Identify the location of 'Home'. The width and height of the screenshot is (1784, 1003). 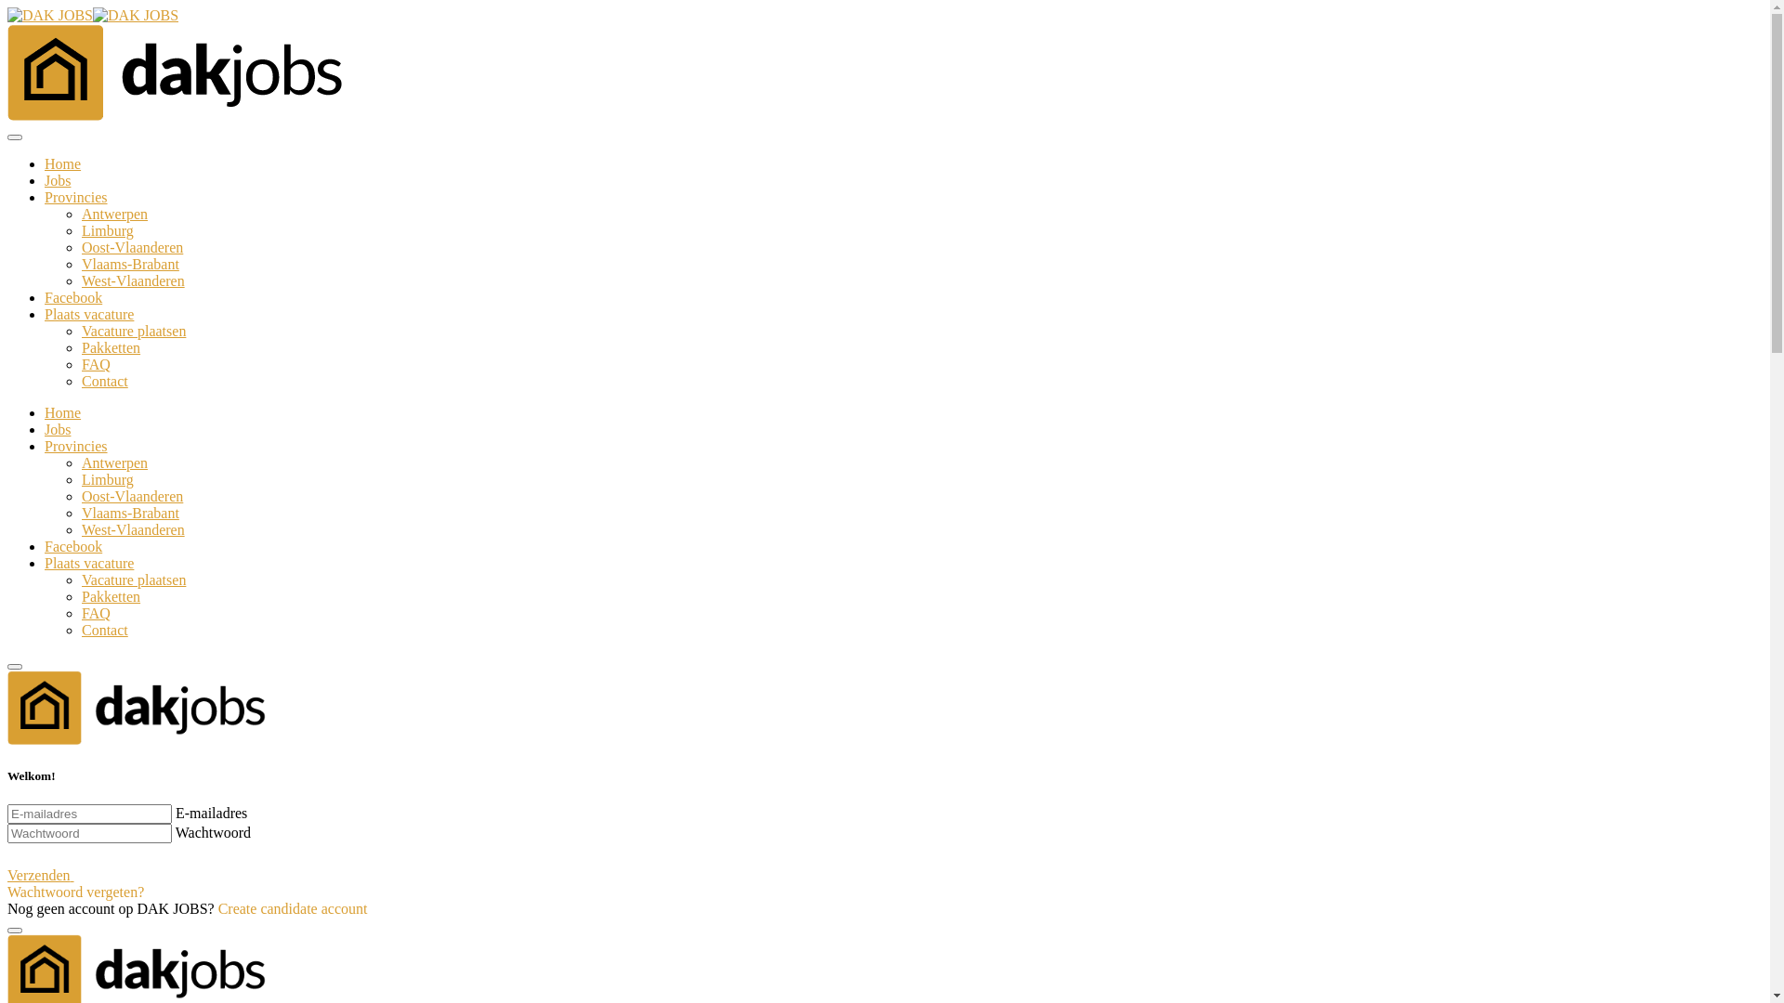
(62, 163).